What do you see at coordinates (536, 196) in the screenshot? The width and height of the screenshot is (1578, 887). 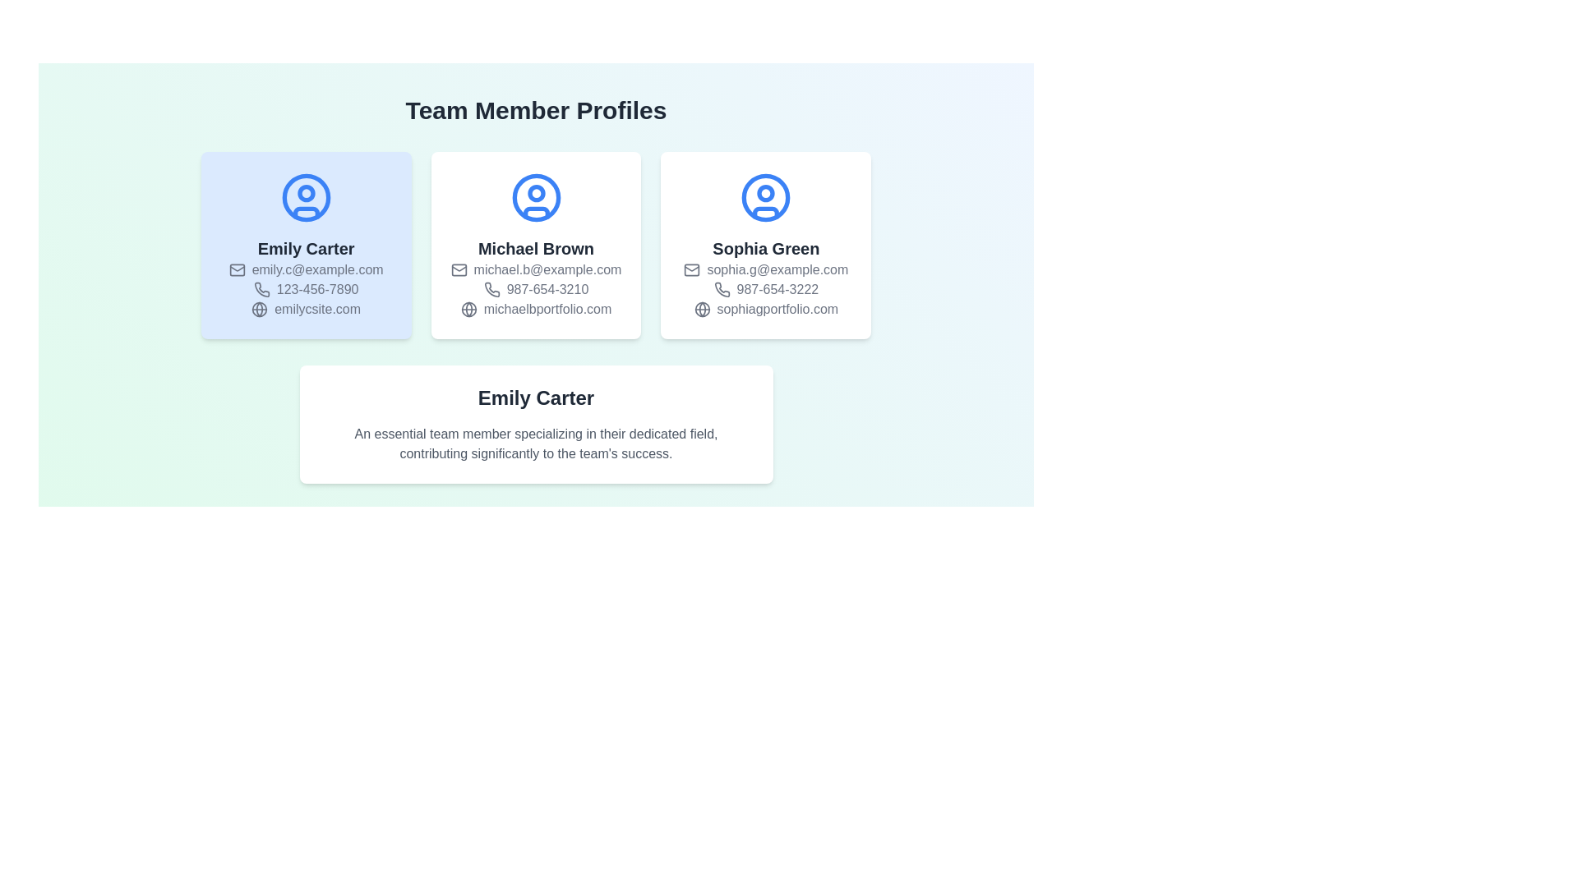 I see `the profile icon representing Michael Brown located at the top of his profile card` at bounding box center [536, 196].